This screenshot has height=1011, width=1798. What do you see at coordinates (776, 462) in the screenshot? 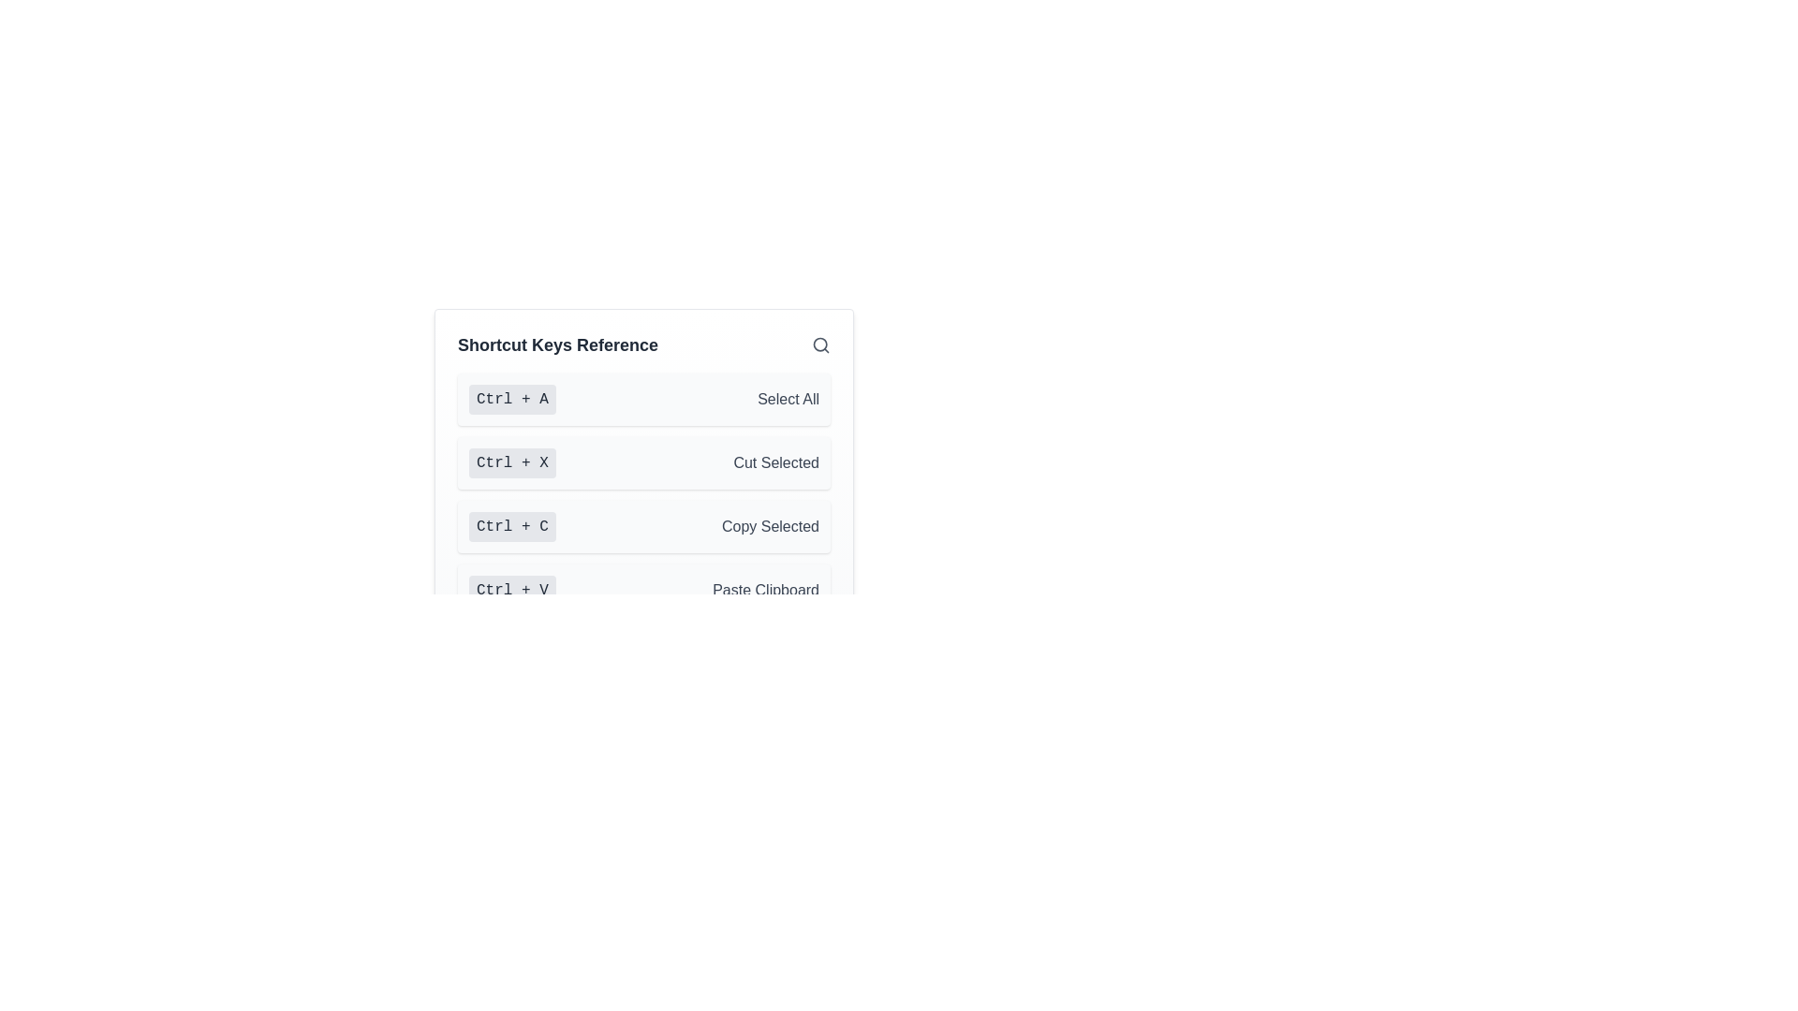
I see `the Text label that describes the action associated with the shortcut key combination 'Ctrl + X', positioned on the right side within a horizontal grouping` at bounding box center [776, 462].